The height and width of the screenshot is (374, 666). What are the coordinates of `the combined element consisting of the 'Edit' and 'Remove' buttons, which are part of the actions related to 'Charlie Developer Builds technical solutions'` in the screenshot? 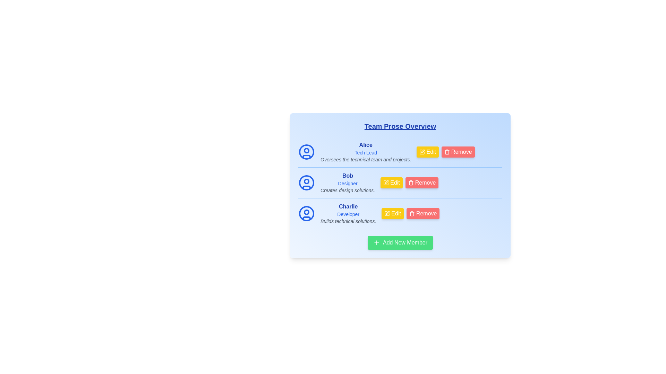 It's located at (410, 213).